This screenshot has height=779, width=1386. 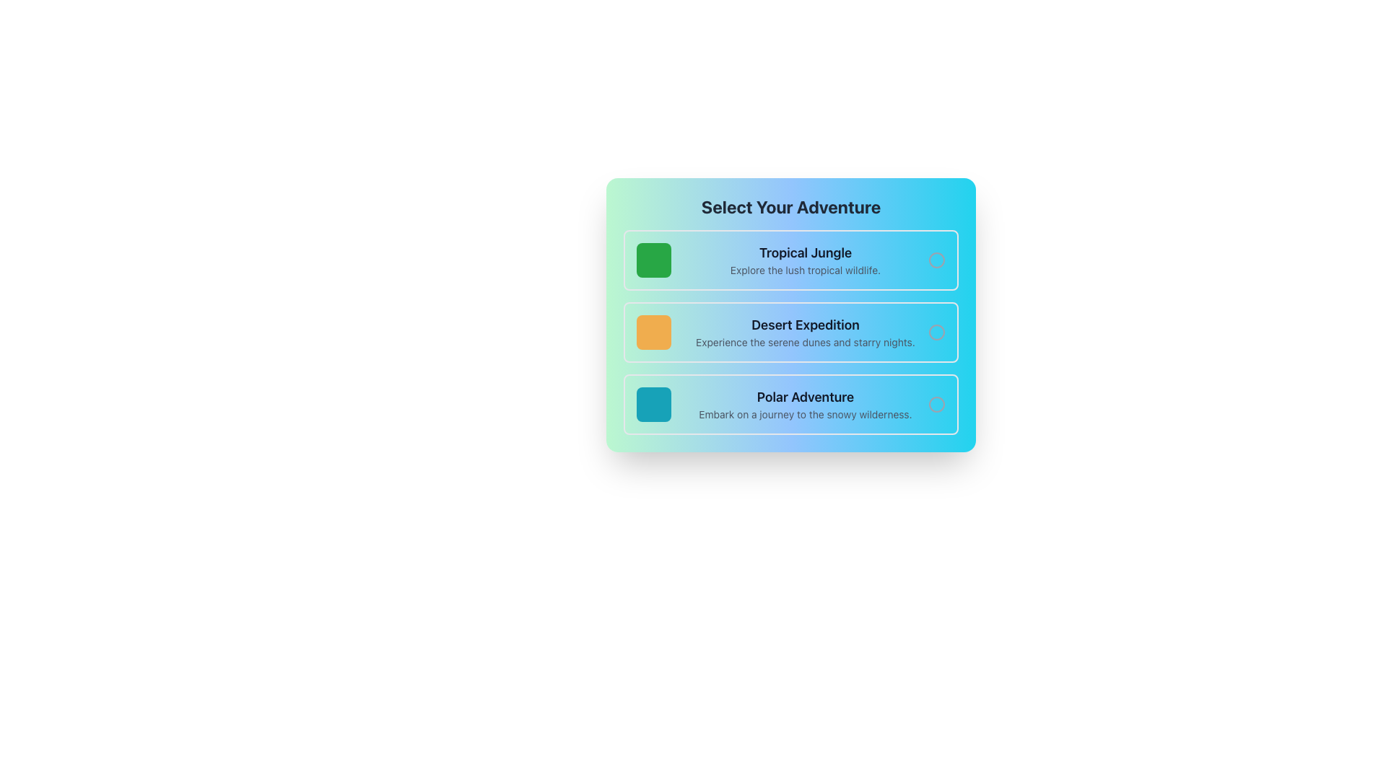 What do you see at coordinates (936, 333) in the screenshot?
I see `the circular radio button with a gray outline that is located at the rightmost side of the 'Desert Expedition' option` at bounding box center [936, 333].